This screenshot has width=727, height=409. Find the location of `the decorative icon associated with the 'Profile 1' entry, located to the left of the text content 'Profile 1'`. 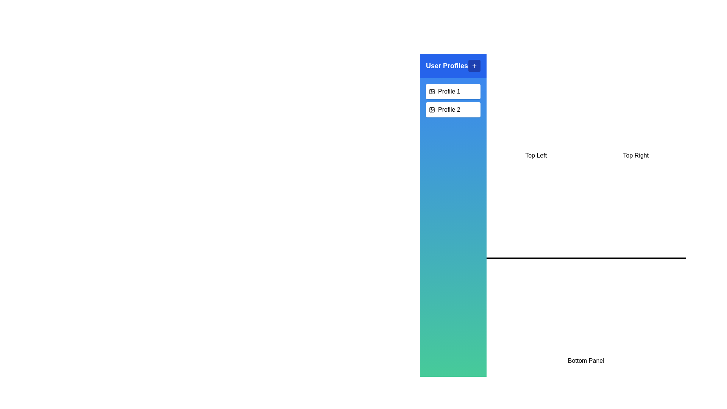

the decorative icon associated with the 'Profile 1' entry, located to the left of the text content 'Profile 1' is located at coordinates (432, 91).